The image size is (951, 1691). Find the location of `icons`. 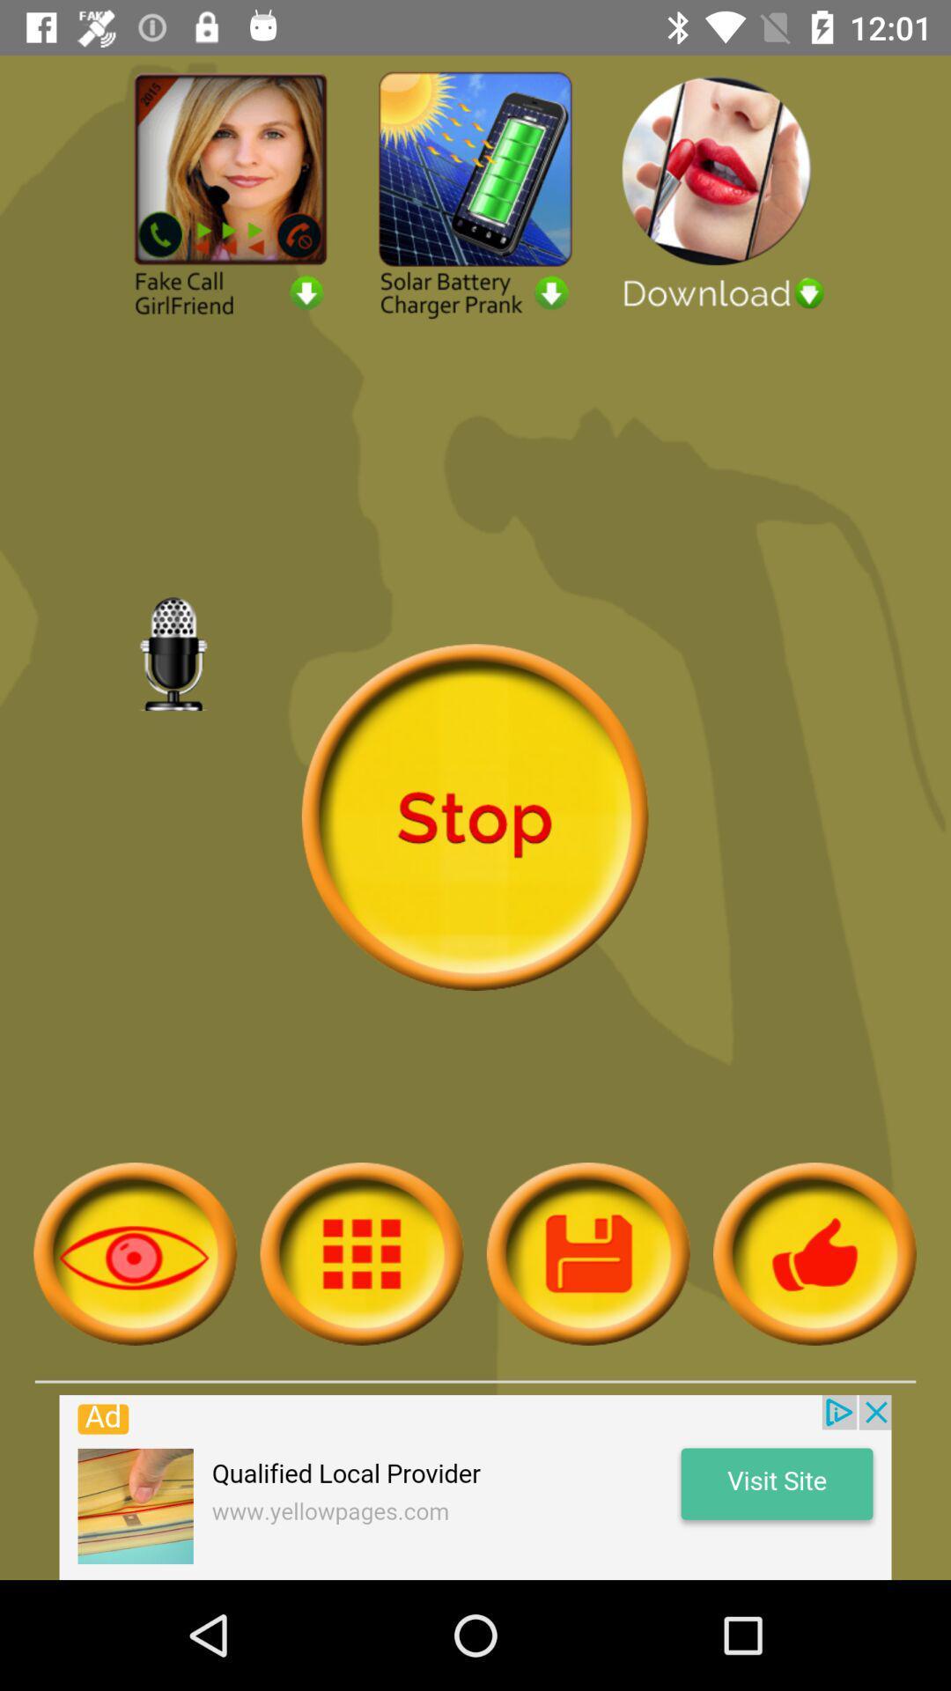

icons is located at coordinates (361, 1252).